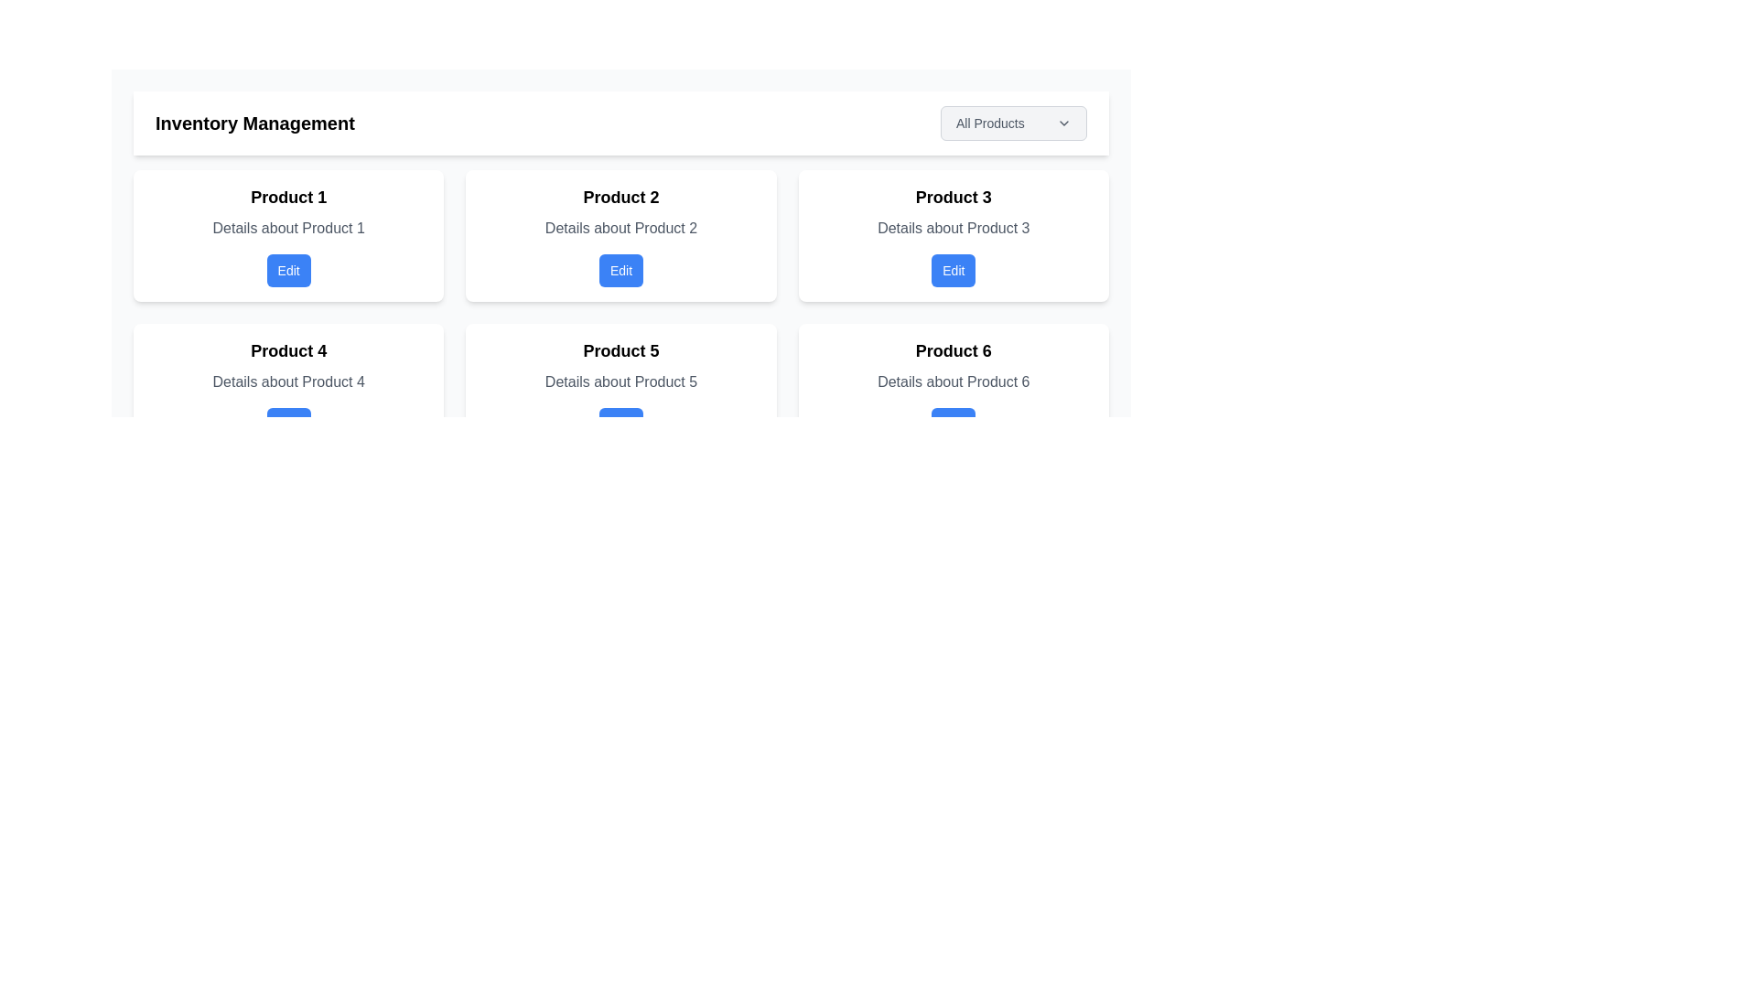  I want to click on the text label 'Product 6' which is the title in the sixth card of a grid layout, so click(953, 351).